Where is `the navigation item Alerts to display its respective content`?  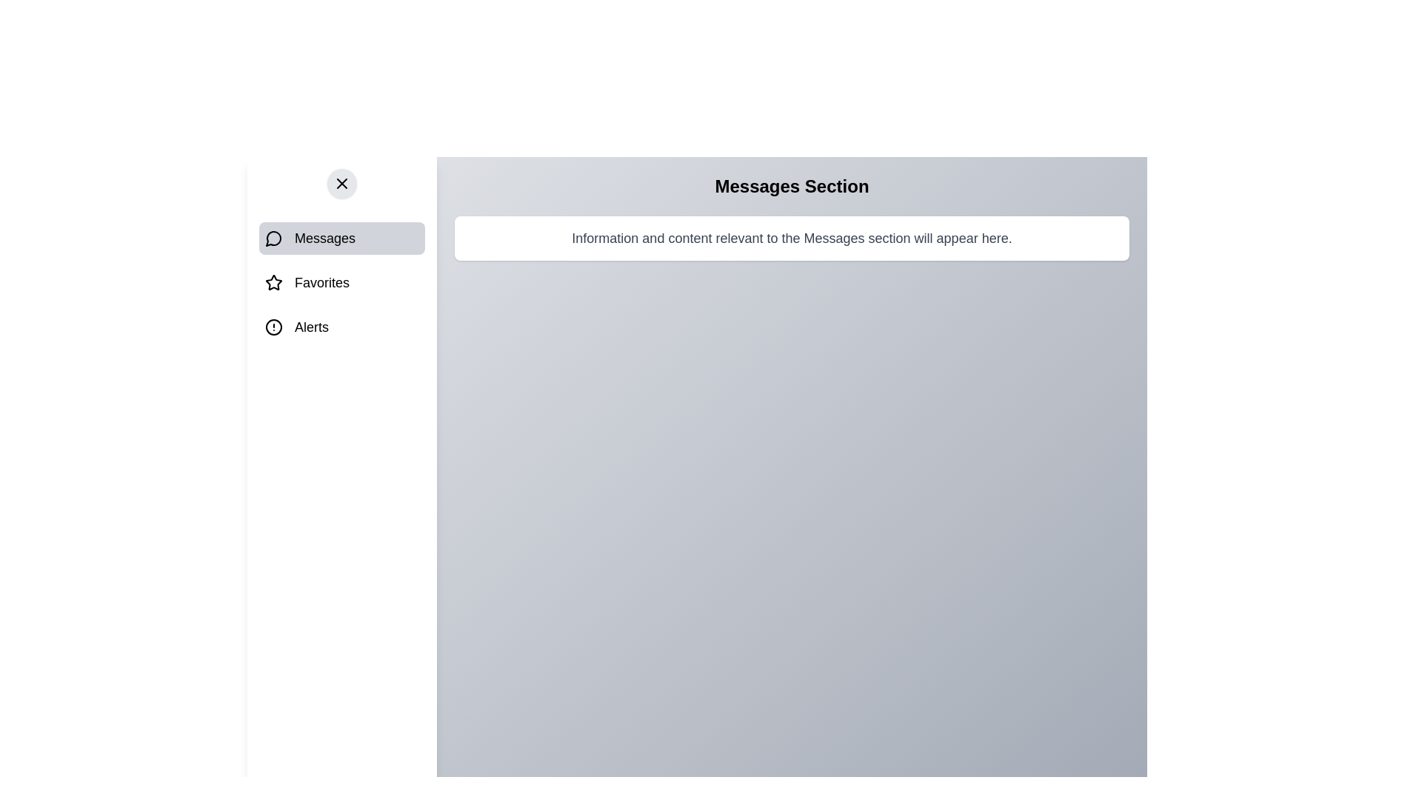
the navigation item Alerts to display its respective content is located at coordinates (341, 327).